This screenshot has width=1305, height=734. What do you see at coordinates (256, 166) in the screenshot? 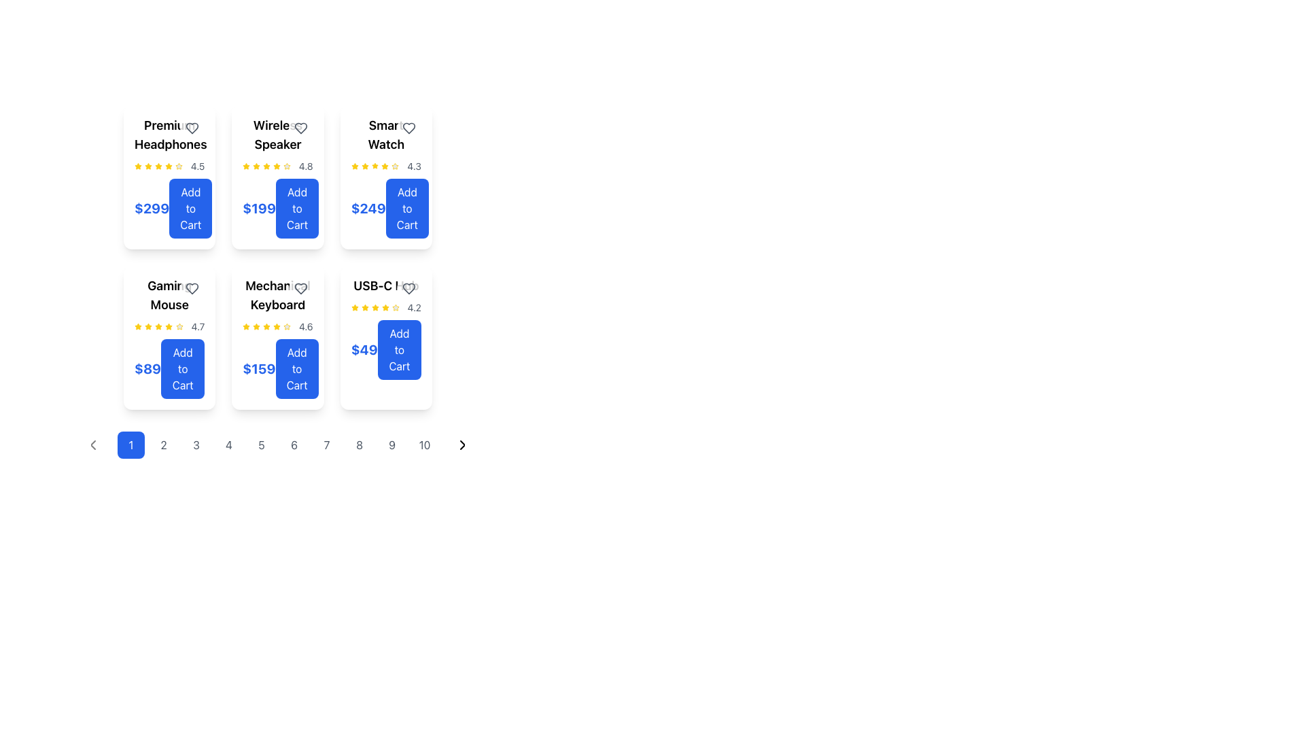
I see `the third star-shaped rating icon with a yellow fill in the product card for 'Wireless Speaker' located in the second column of the first row of the product grid` at bounding box center [256, 166].